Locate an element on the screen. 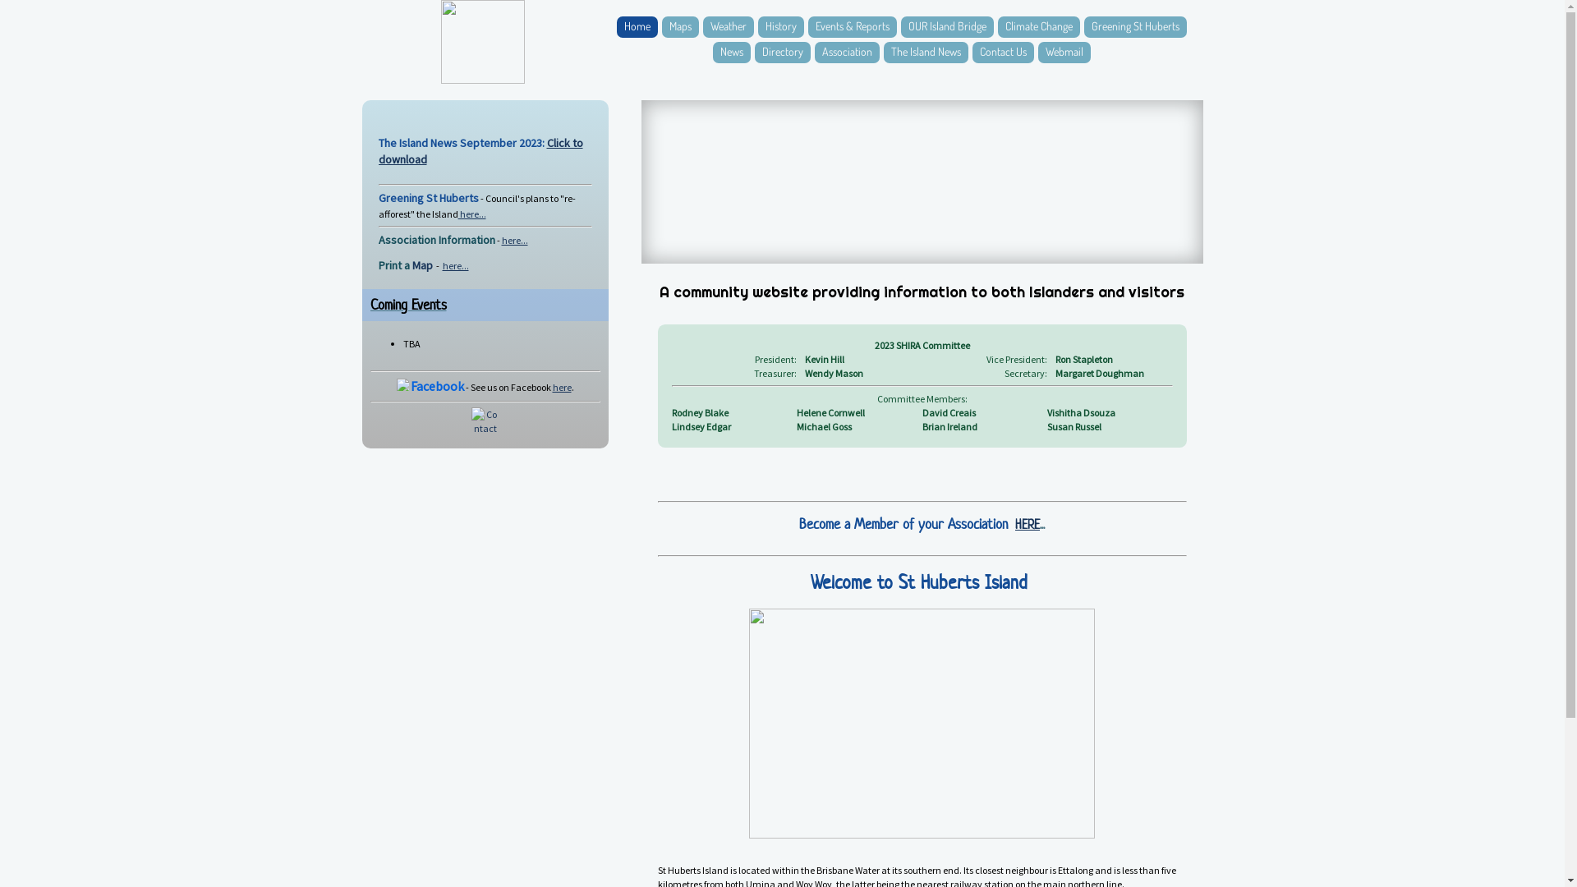 The height and width of the screenshot is (887, 1577). 'The Island News' is located at coordinates (926, 52).